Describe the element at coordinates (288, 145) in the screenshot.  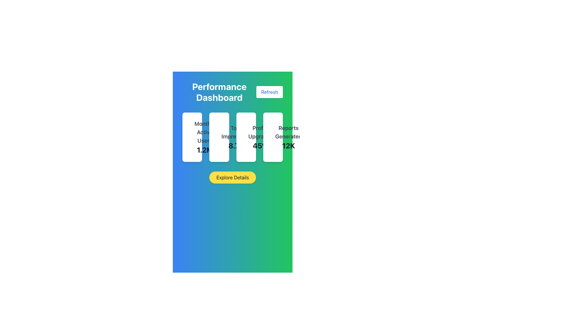
I see `the numeric data point text label that displays the count of reports generated, positioned below the 'Reports Generated' label` at that location.